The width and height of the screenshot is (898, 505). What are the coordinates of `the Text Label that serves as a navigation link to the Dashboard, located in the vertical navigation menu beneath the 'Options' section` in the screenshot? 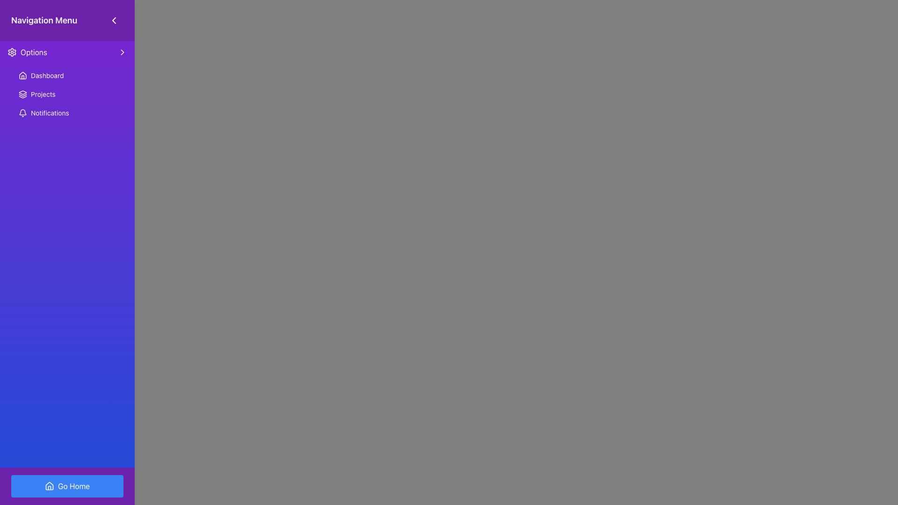 It's located at (47, 75).